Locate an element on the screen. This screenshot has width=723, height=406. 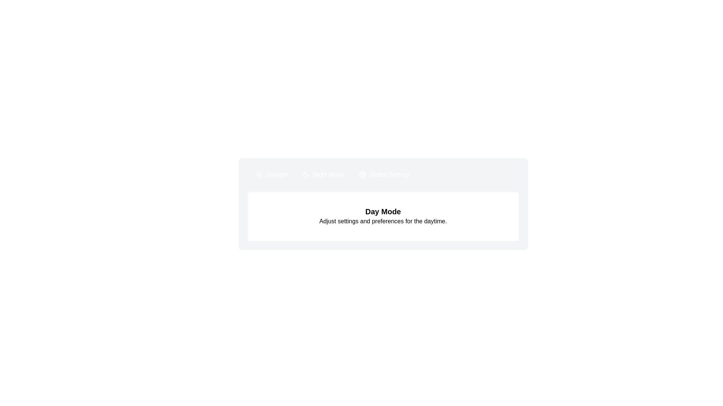
the tab Daylight and copy its content is located at coordinates (271, 175).